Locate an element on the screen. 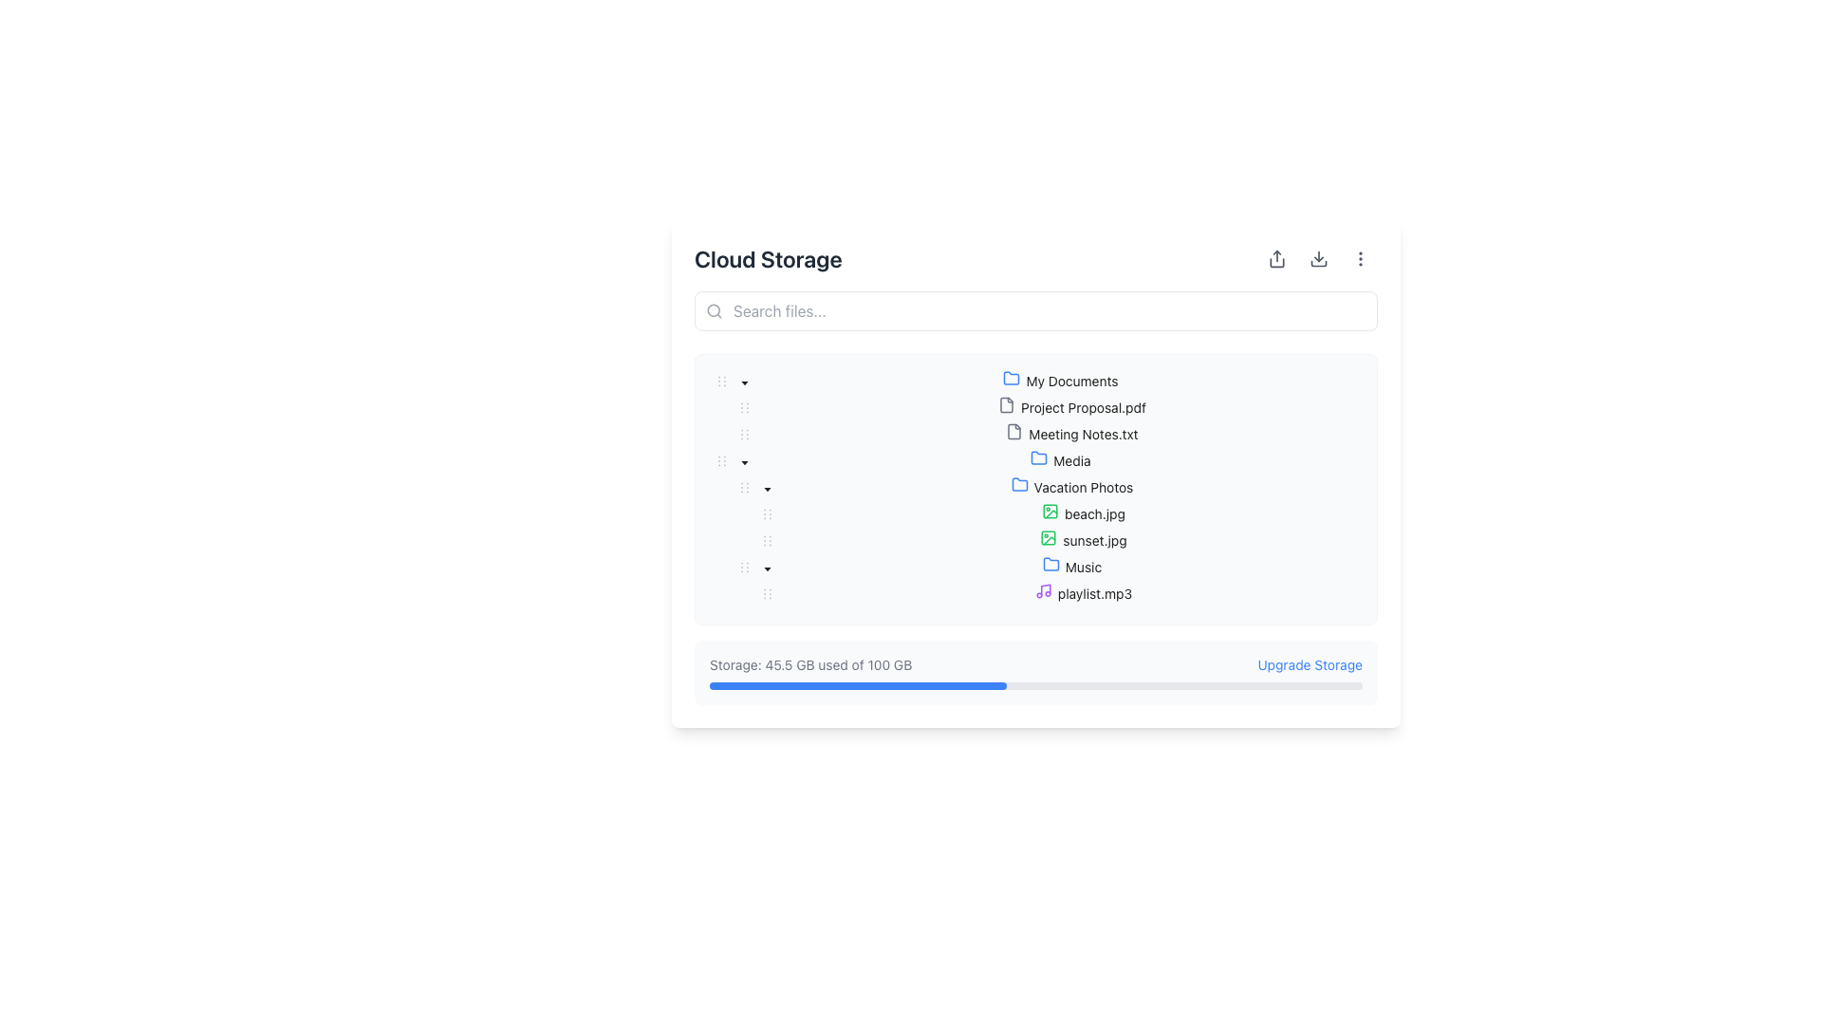  the folder icons within the 'Cloud Storage' file manager pane is located at coordinates (1034, 472).